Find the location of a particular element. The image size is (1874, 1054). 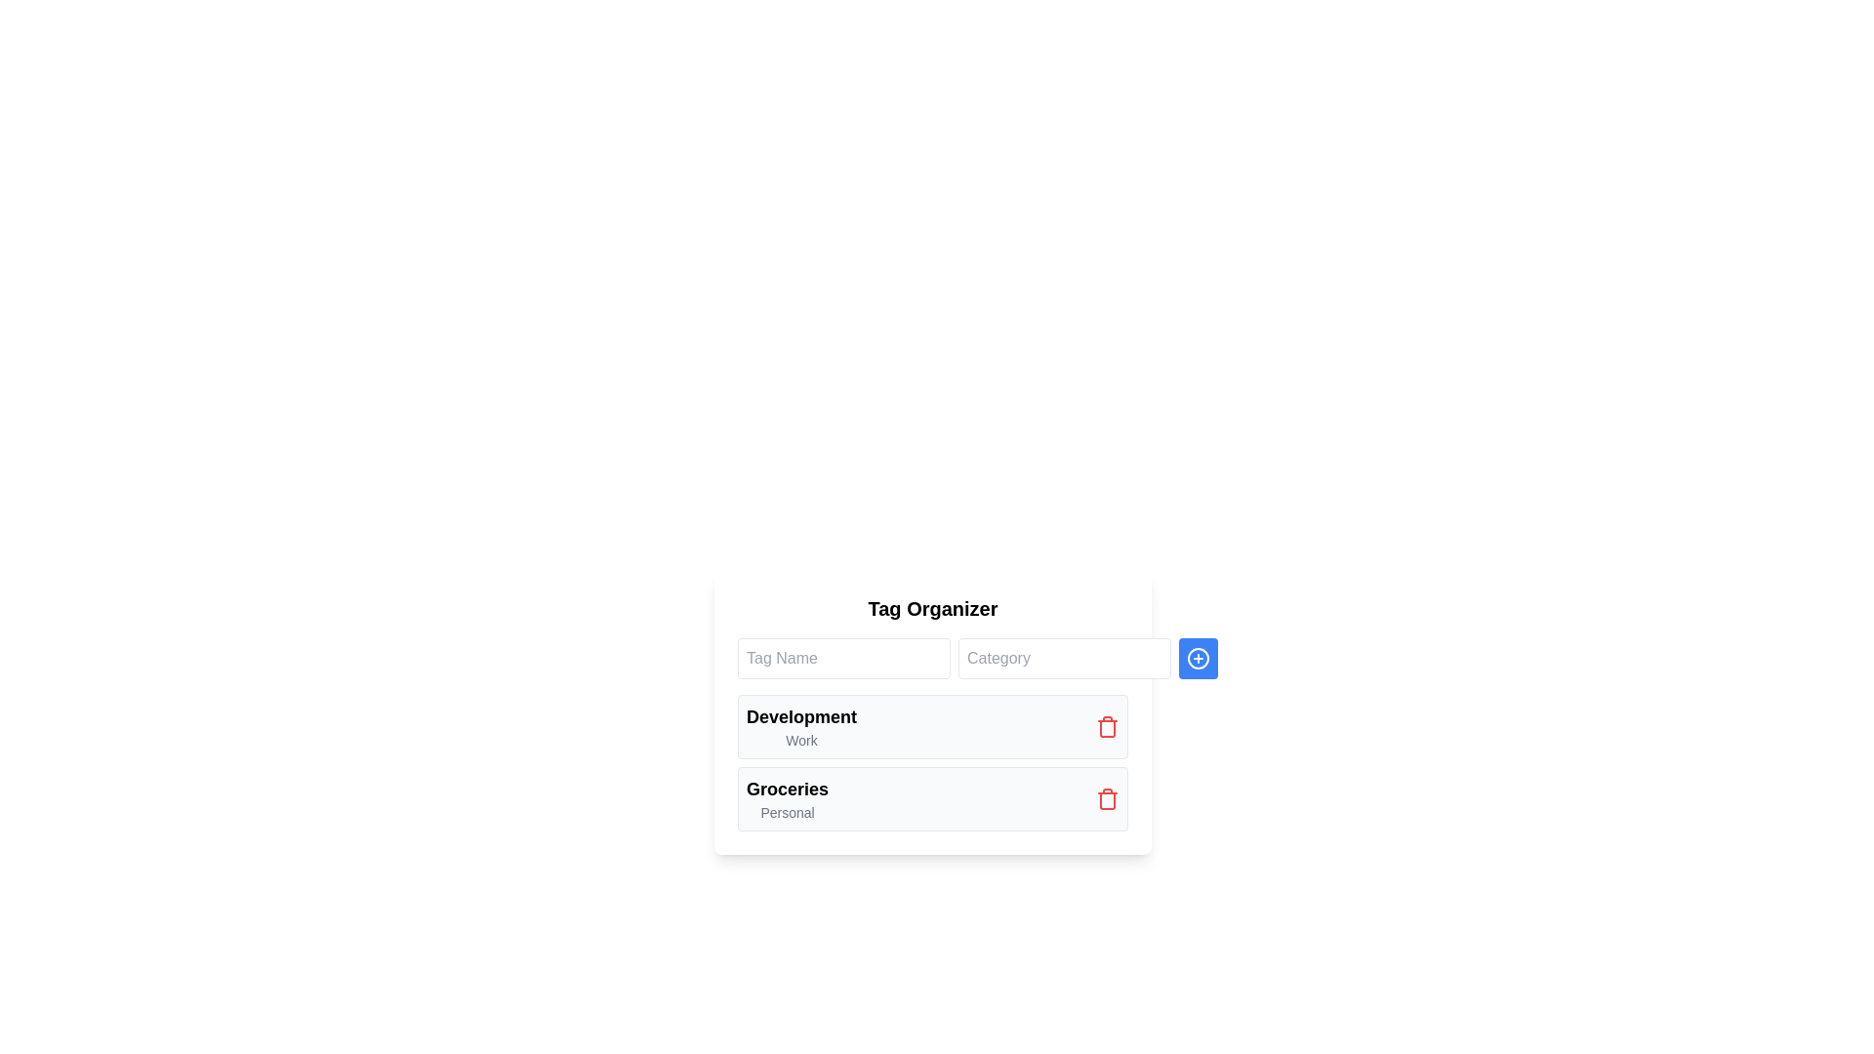

the blue rectangular button with a white circular plus icon is located at coordinates (1198, 659).